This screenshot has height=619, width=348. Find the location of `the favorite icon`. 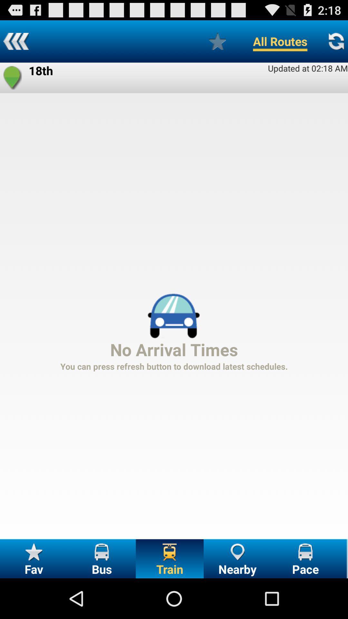

the favorite icon is located at coordinates (13, 83).